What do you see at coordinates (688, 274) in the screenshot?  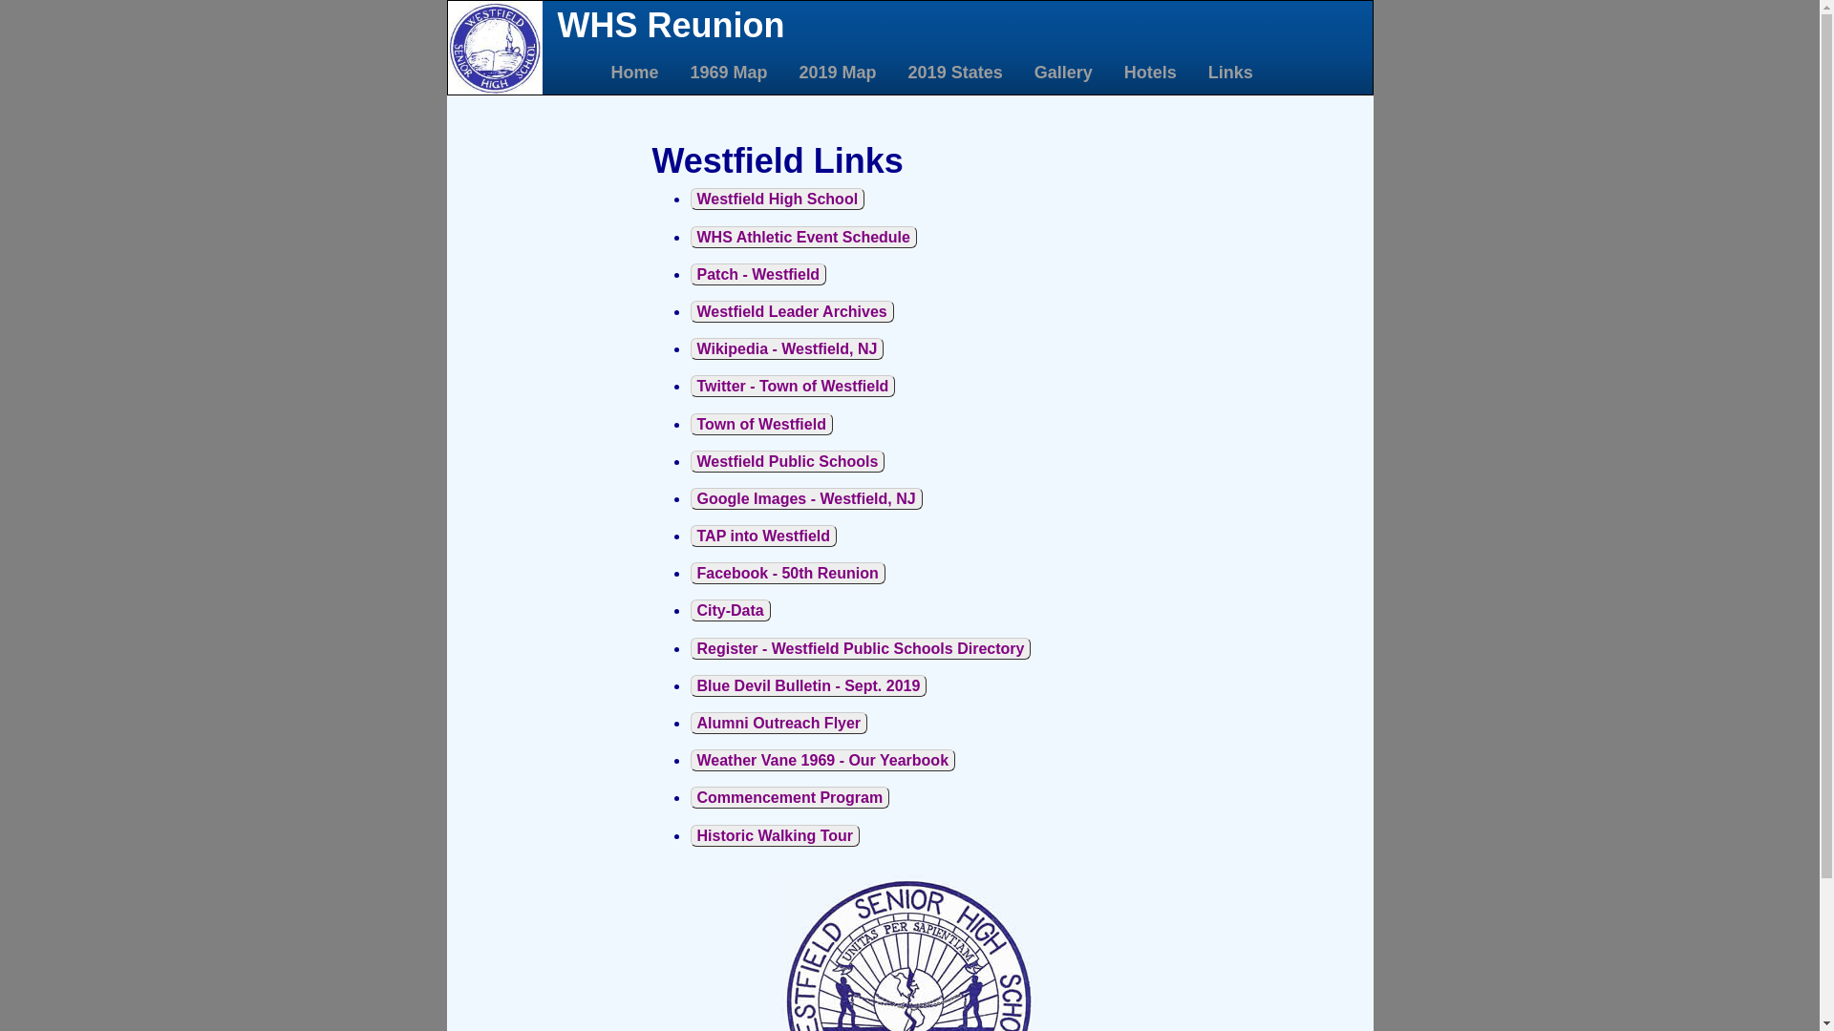 I see `'Patch - Westfield'` at bounding box center [688, 274].